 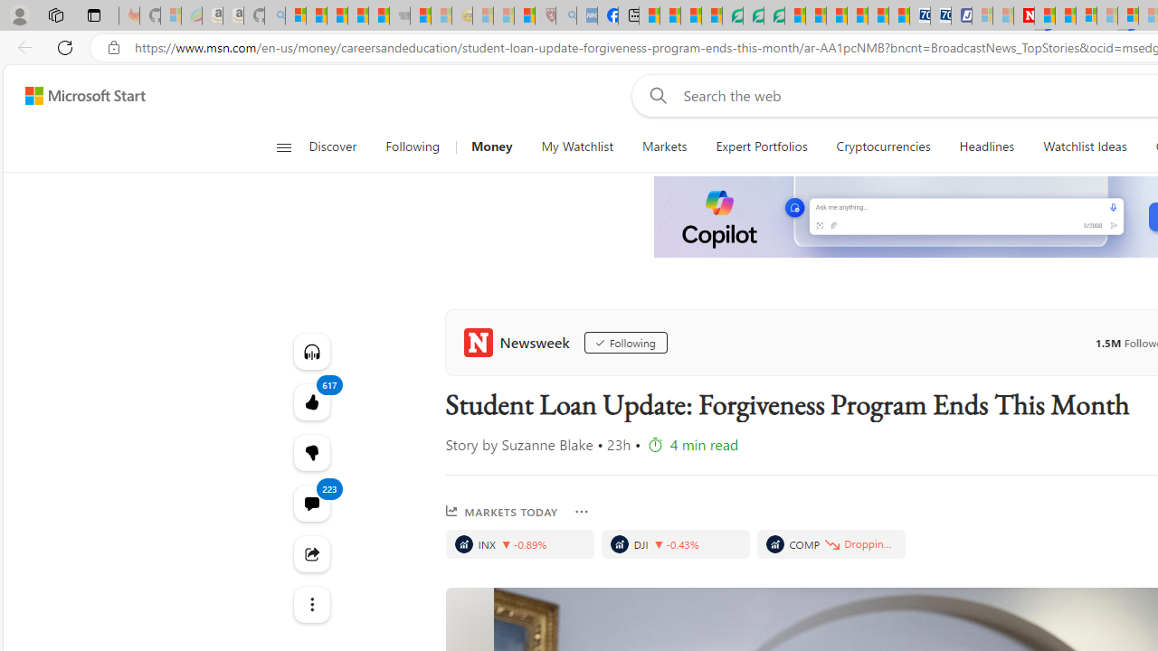 I want to click on '617 Like', so click(x=311, y=401).